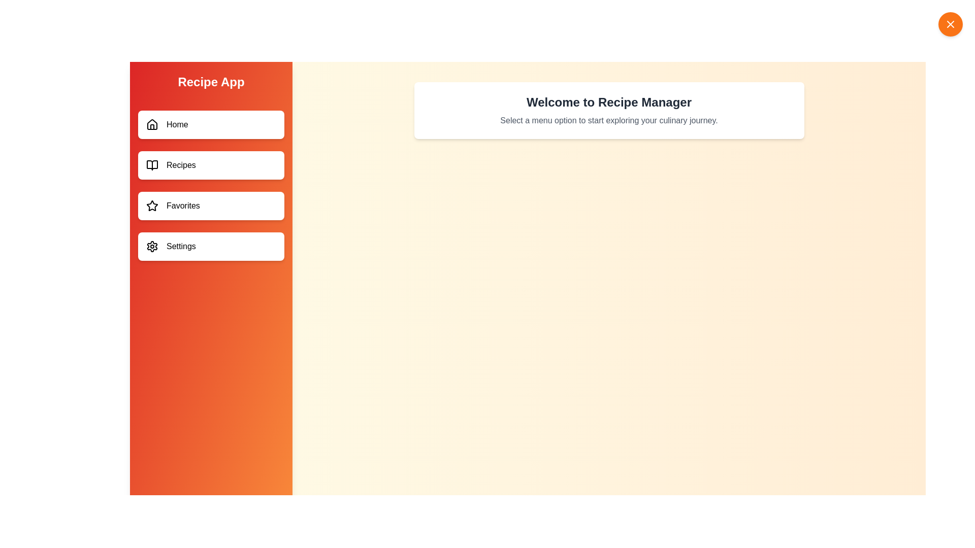  What do you see at coordinates (211, 165) in the screenshot?
I see `the menu item labeled Recipes` at bounding box center [211, 165].